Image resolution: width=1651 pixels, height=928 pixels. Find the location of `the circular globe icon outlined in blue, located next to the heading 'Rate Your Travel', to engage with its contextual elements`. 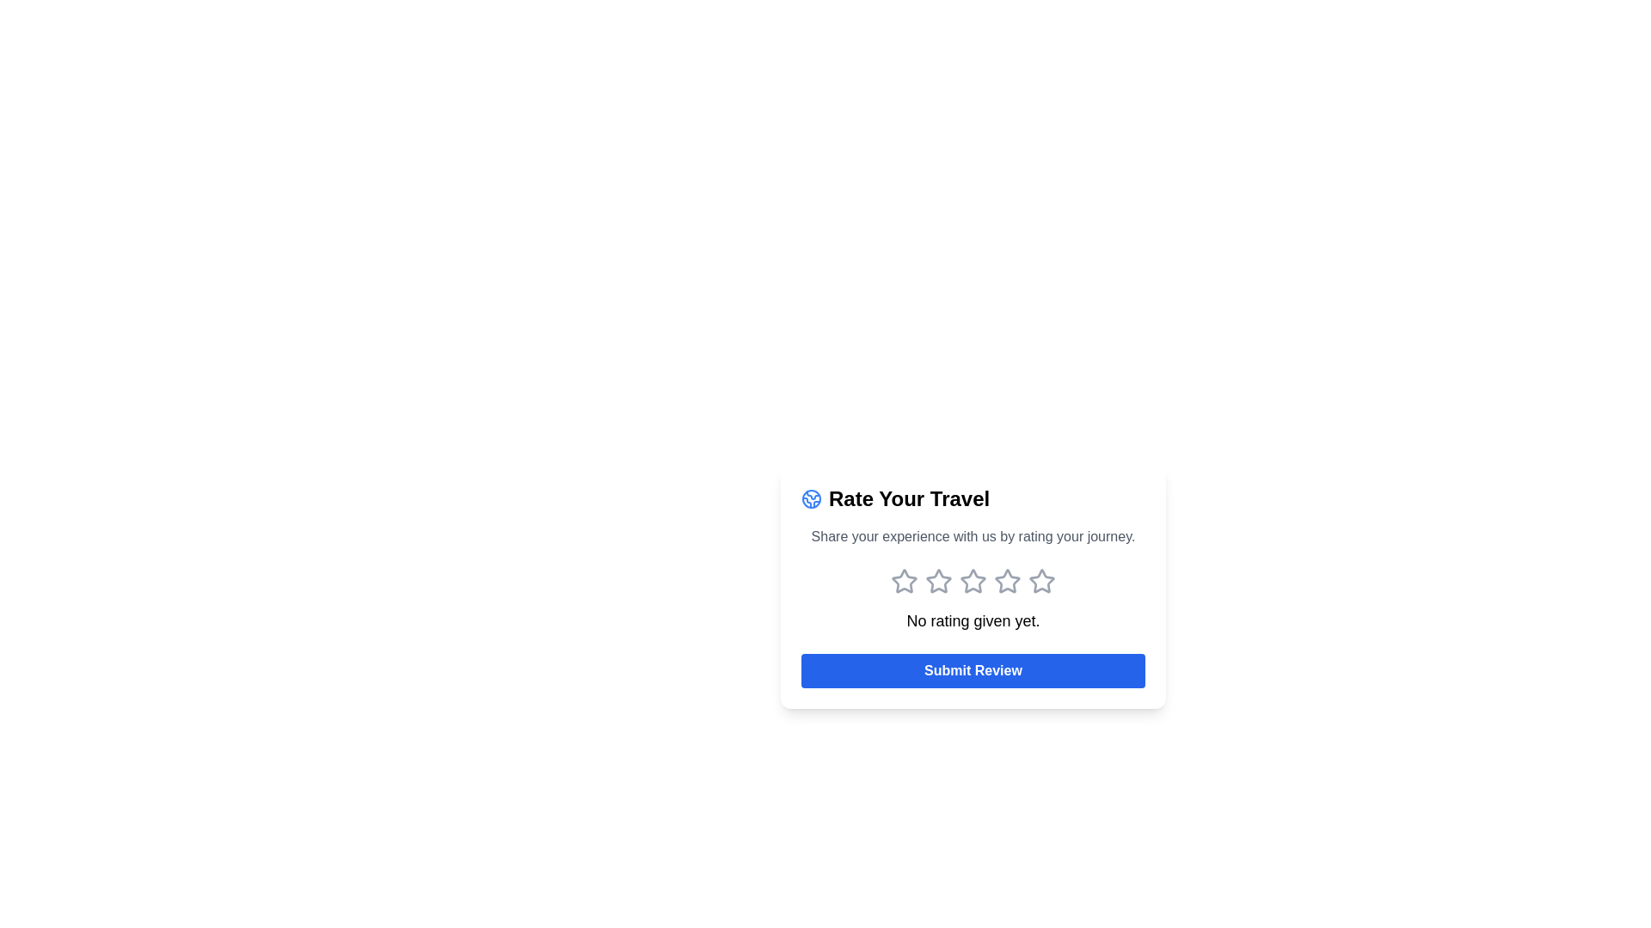

the circular globe icon outlined in blue, located next to the heading 'Rate Your Travel', to engage with its contextual elements is located at coordinates (811, 499).